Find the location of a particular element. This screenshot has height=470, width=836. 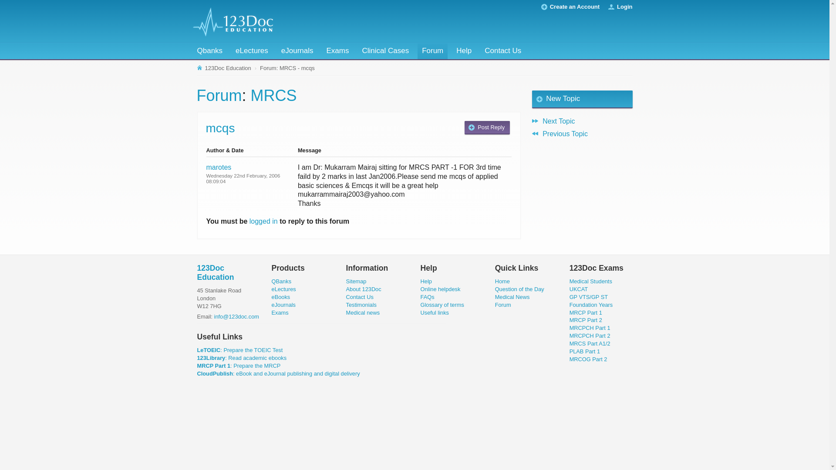

'MRCP Part 1' is located at coordinates (586, 312).